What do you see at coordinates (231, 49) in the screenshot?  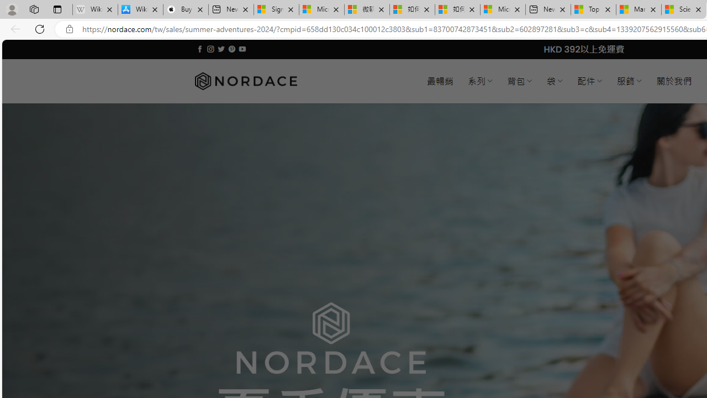 I see `'Follow on Pinterest'` at bounding box center [231, 49].